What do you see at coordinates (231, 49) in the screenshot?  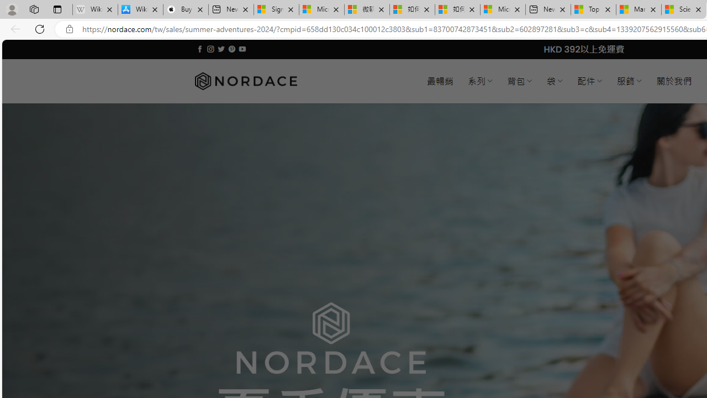 I see `'Follow on Pinterest'` at bounding box center [231, 49].